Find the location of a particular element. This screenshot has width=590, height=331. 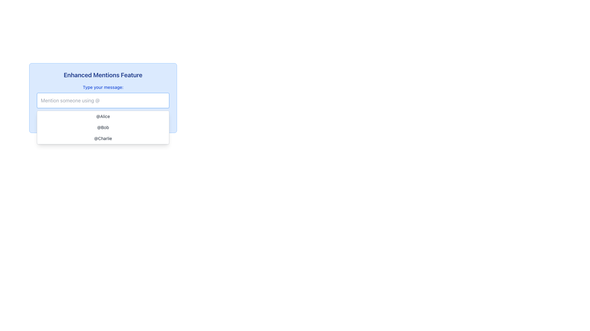

the list item '@Charlie,' which is styled in neutral gray and appears as the third option in the dropdown list of user mentions is located at coordinates (103, 138).